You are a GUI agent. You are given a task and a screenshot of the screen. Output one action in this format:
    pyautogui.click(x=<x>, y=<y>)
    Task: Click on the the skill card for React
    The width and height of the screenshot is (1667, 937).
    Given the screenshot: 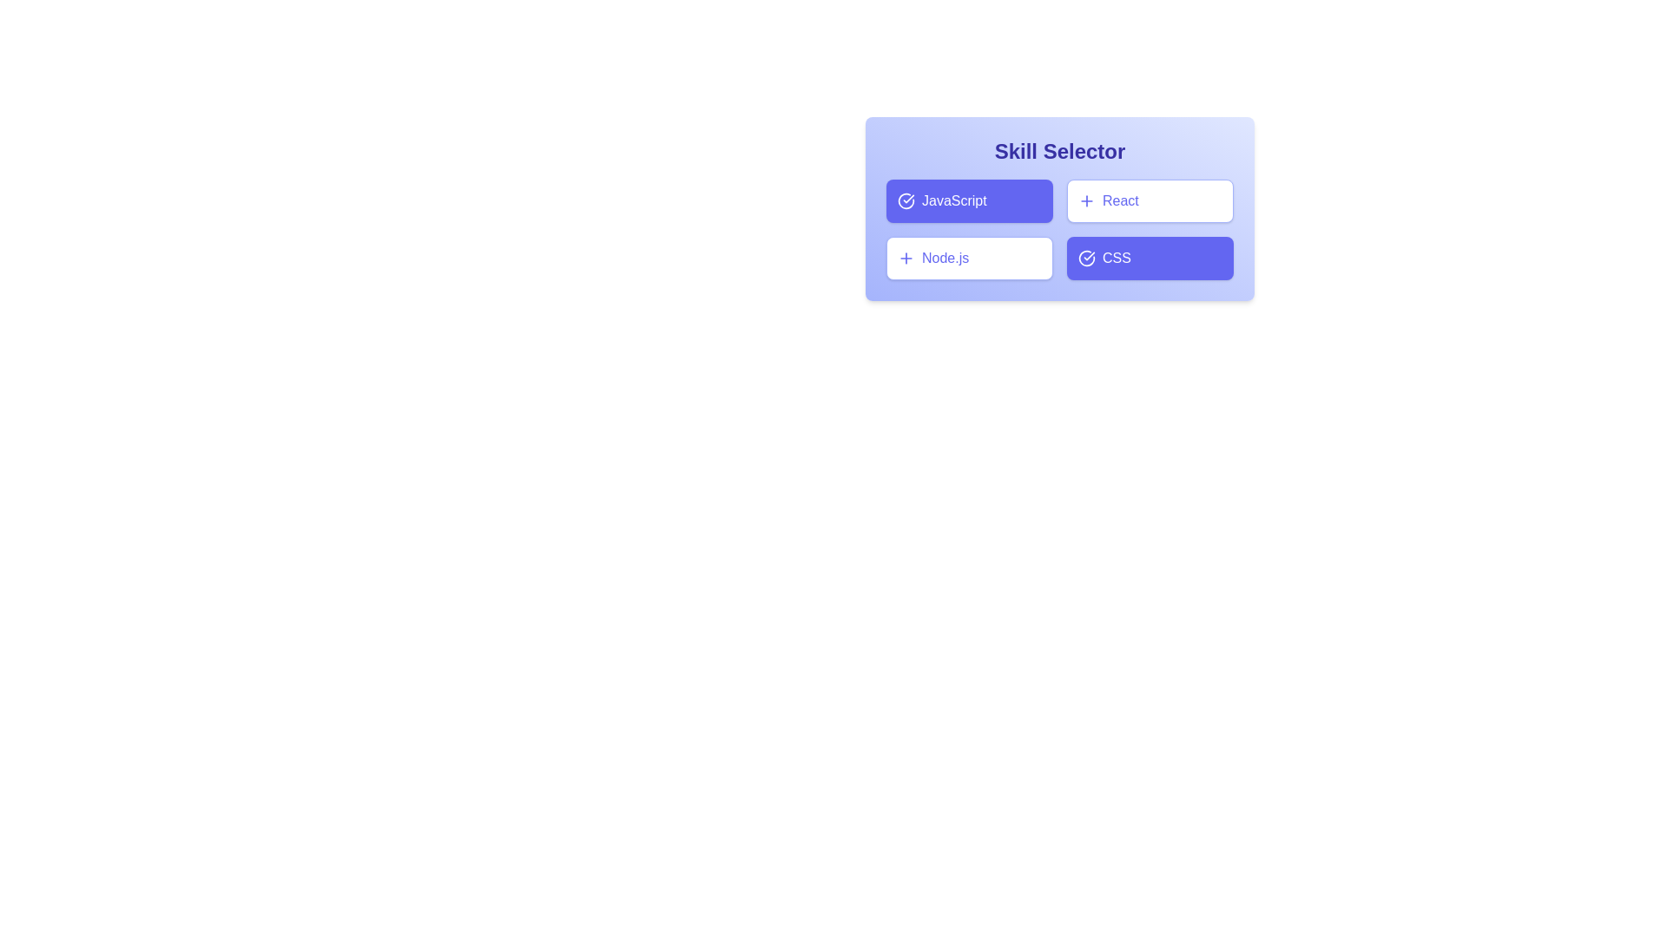 What is the action you would take?
    pyautogui.click(x=1150, y=200)
    